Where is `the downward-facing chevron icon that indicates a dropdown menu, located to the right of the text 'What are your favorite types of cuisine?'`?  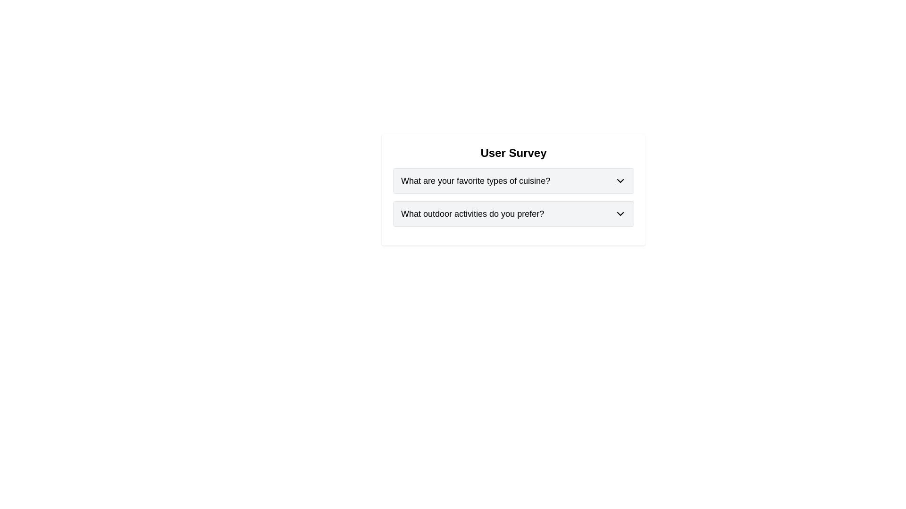 the downward-facing chevron icon that indicates a dropdown menu, located to the right of the text 'What are your favorite types of cuisine?' is located at coordinates (621, 181).